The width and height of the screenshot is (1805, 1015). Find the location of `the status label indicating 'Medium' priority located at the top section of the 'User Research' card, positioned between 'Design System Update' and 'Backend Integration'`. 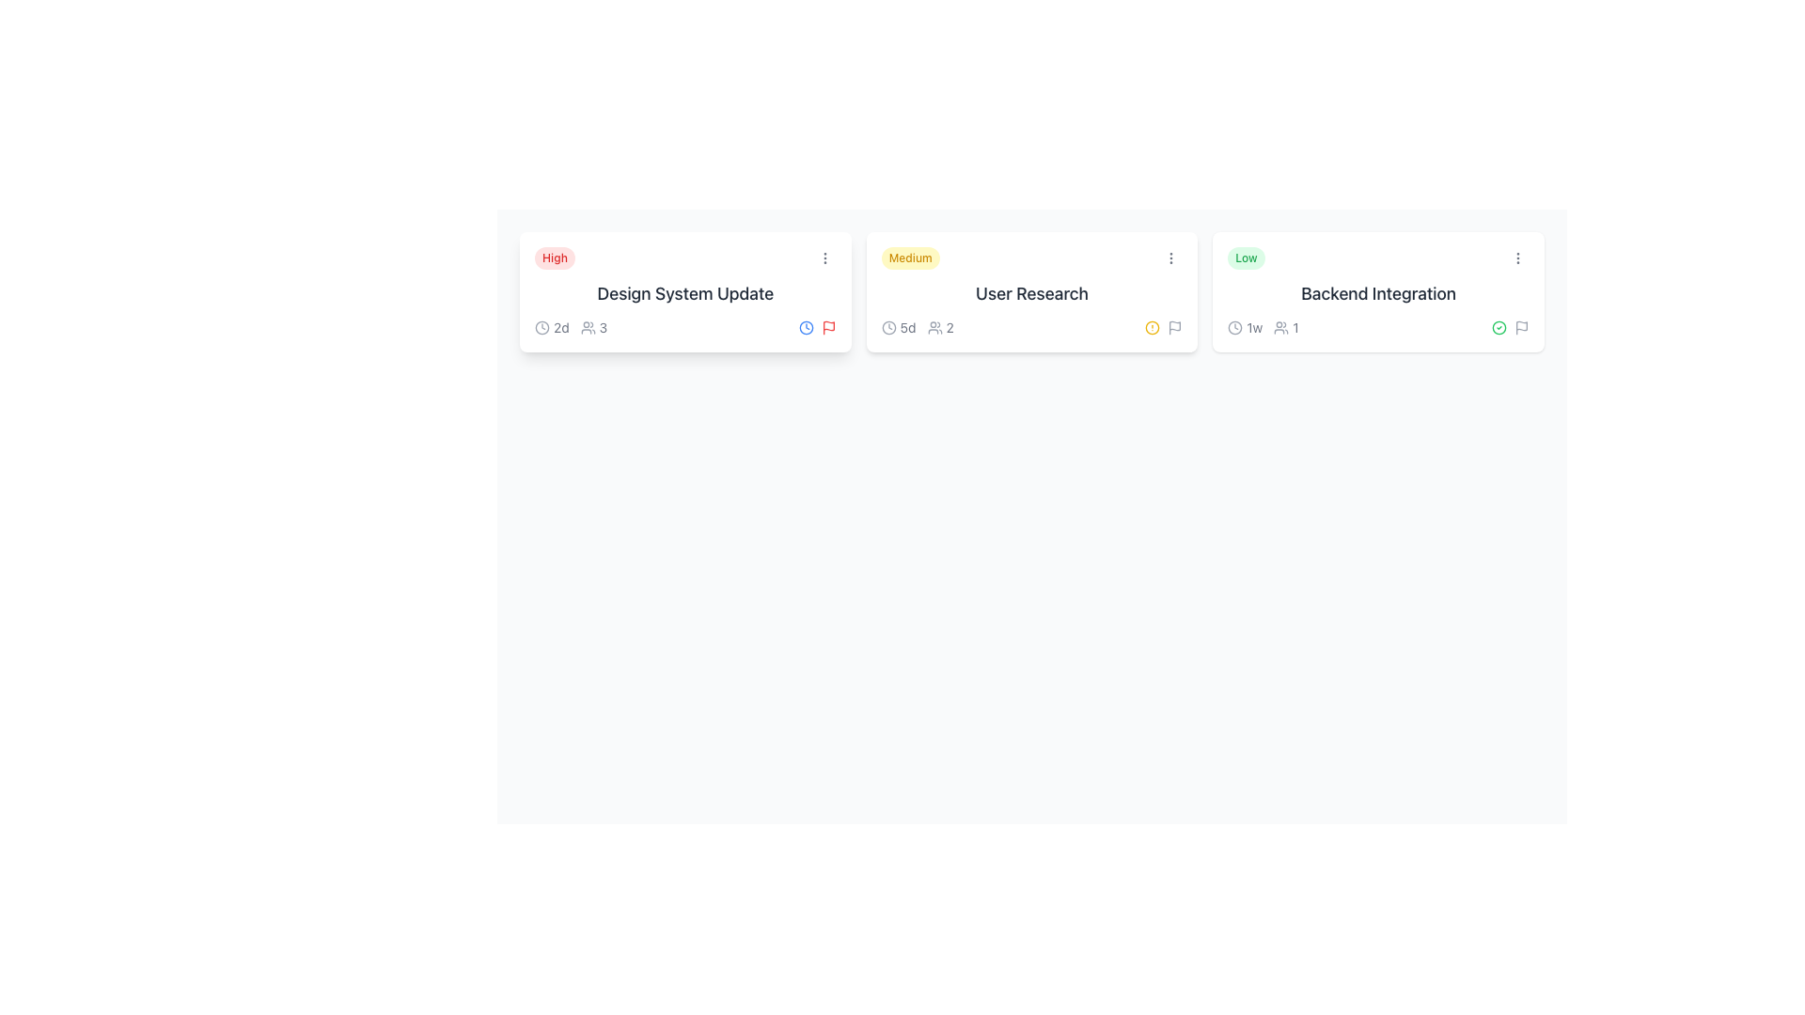

the status label indicating 'Medium' priority located at the top section of the 'User Research' card, positioned between 'Design System Update' and 'Backend Integration' is located at coordinates (1031, 258).